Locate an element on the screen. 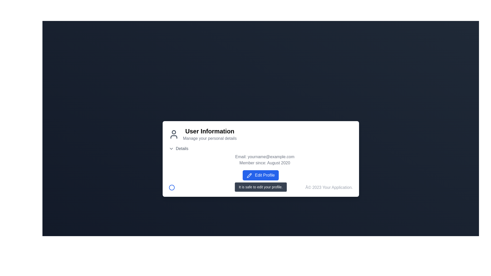 Image resolution: width=491 pixels, height=276 pixels. the informational tooltip that displays the message 'It is safe to edit your profile.' which is styled with a gray background and white text, located below the 'Edit Profile' button is located at coordinates (261, 187).